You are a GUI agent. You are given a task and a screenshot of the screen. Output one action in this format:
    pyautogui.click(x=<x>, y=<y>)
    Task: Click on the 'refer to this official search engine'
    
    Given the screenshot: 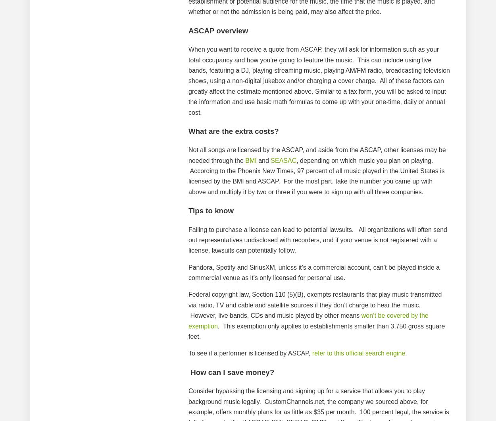 What is the action you would take?
    pyautogui.click(x=358, y=353)
    